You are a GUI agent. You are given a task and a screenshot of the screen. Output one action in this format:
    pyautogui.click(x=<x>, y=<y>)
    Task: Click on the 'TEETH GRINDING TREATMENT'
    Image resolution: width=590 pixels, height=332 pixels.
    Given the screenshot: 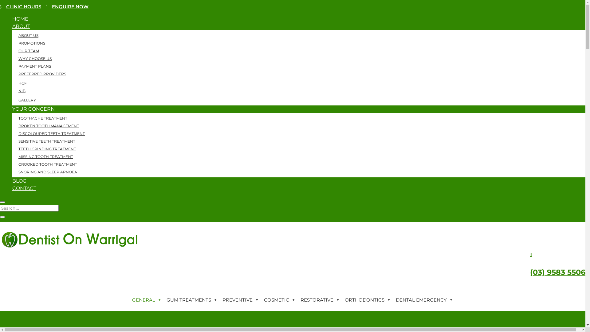 What is the action you would take?
    pyautogui.click(x=47, y=149)
    